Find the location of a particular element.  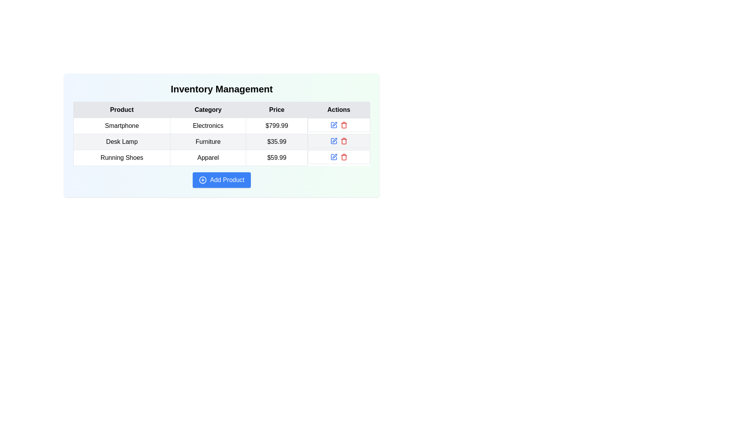

the edit button located in the 'Actions' column of the last row for the 'Running Shoes' entry to initiate editing of the table row is located at coordinates (335, 156).